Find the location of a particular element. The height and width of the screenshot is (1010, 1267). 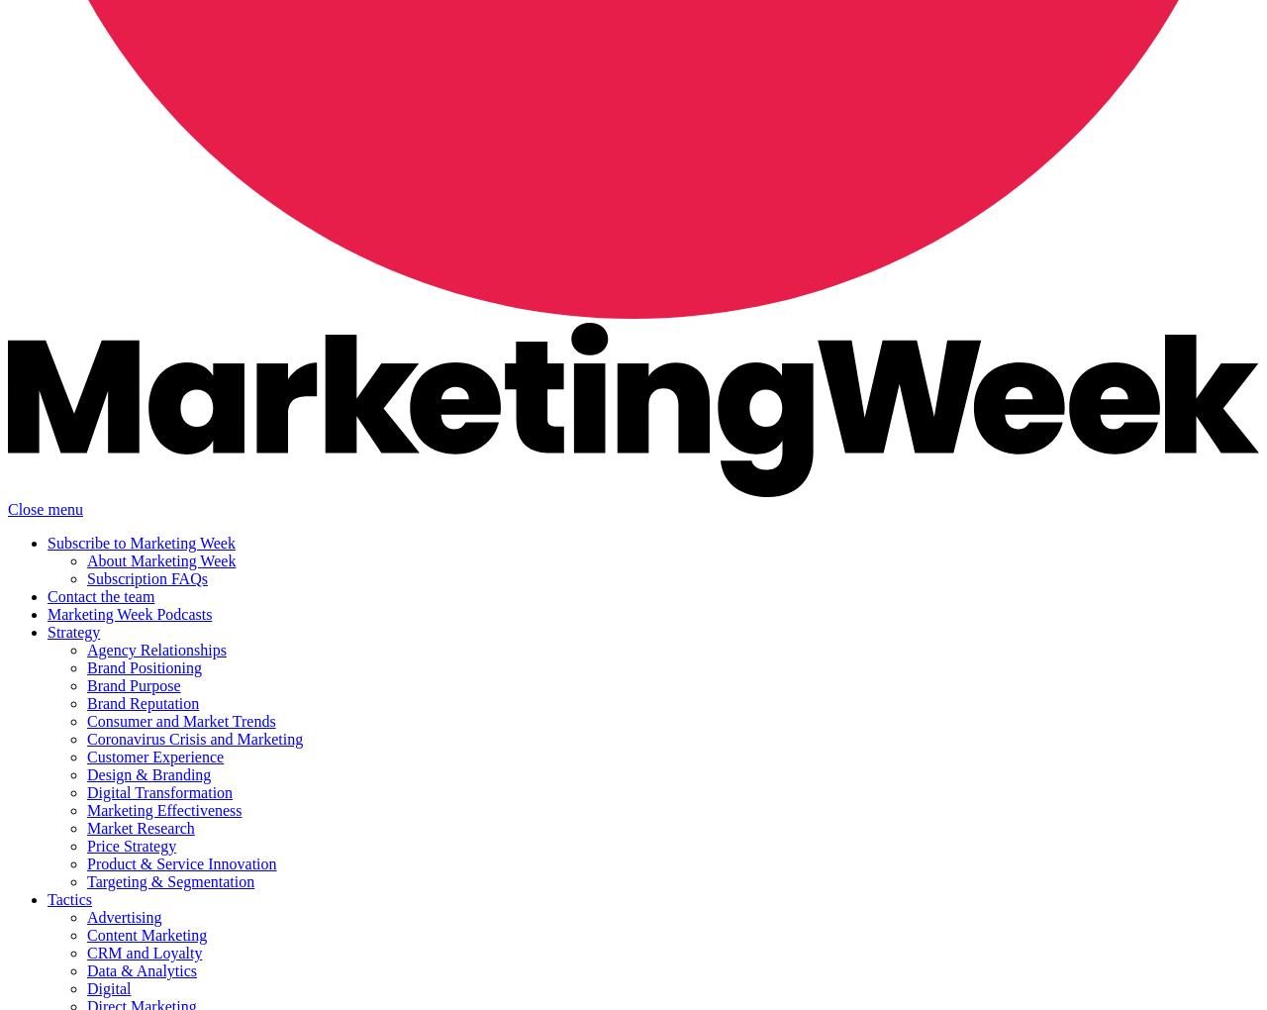

'Brand Positioning' is located at coordinates (144, 667).